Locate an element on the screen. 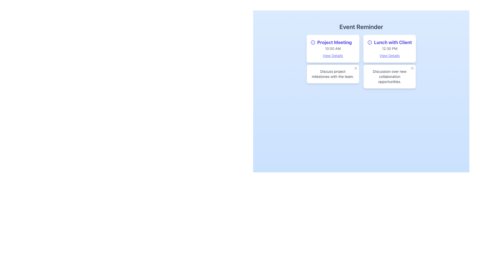  text content of the informational popup displaying 'Discussion over new collaboration opportunities', which appears below the 'Lunch with Client' event is located at coordinates (389, 76).